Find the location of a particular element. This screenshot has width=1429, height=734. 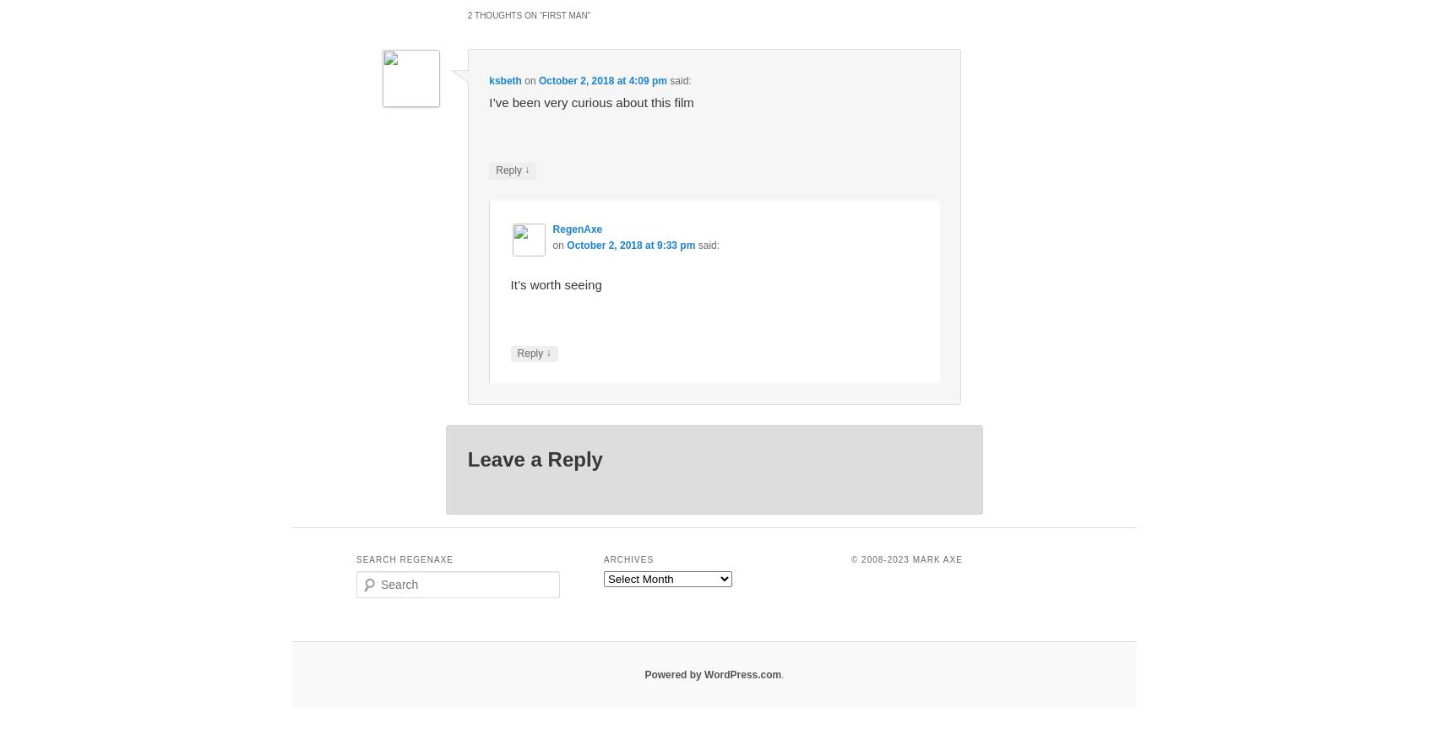

'October 2, 2018 at 4:09 pm' is located at coordinates (601, 79).